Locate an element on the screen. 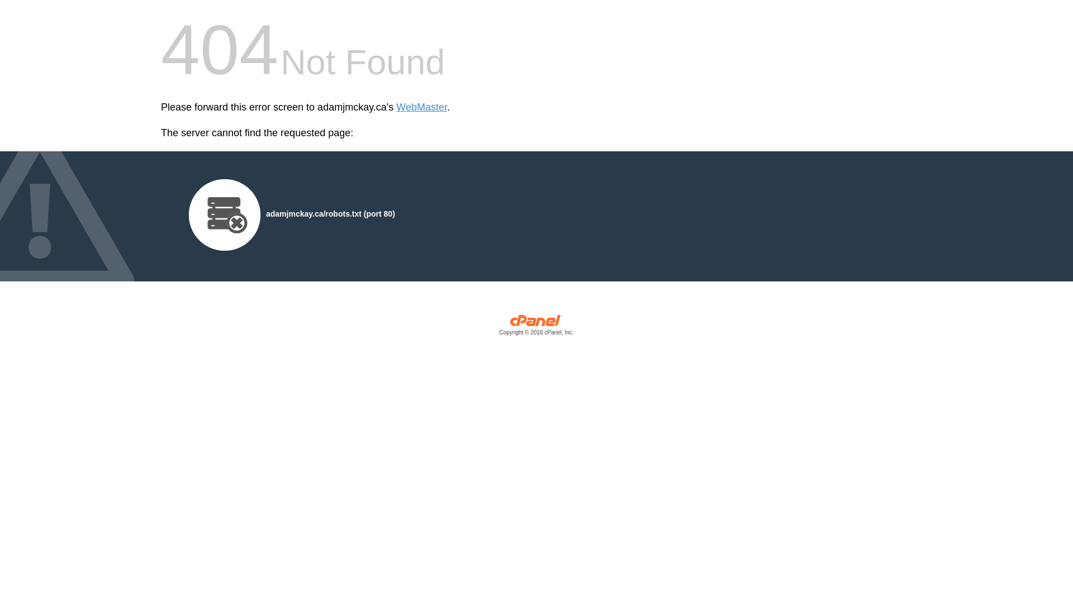  'WebMaster' is located at coordinates (396, 107).